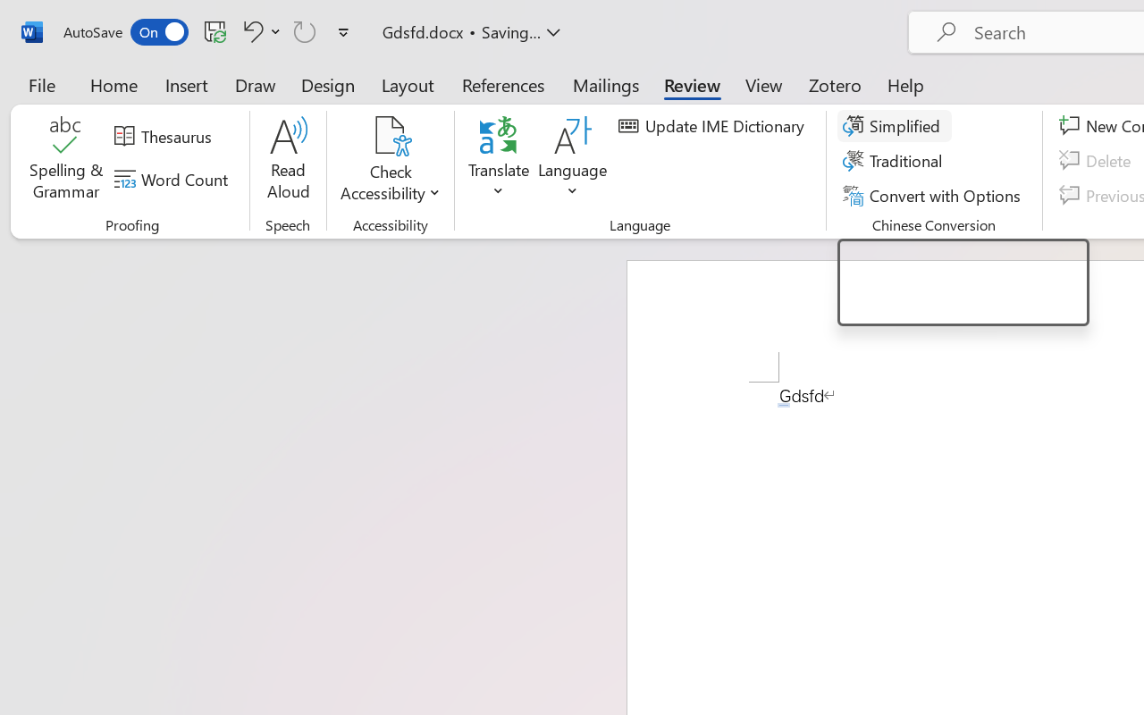  Describe the element at coordinates (713, 126) in the screenshot. I see `'Update IME Dictionary...'` at that location.